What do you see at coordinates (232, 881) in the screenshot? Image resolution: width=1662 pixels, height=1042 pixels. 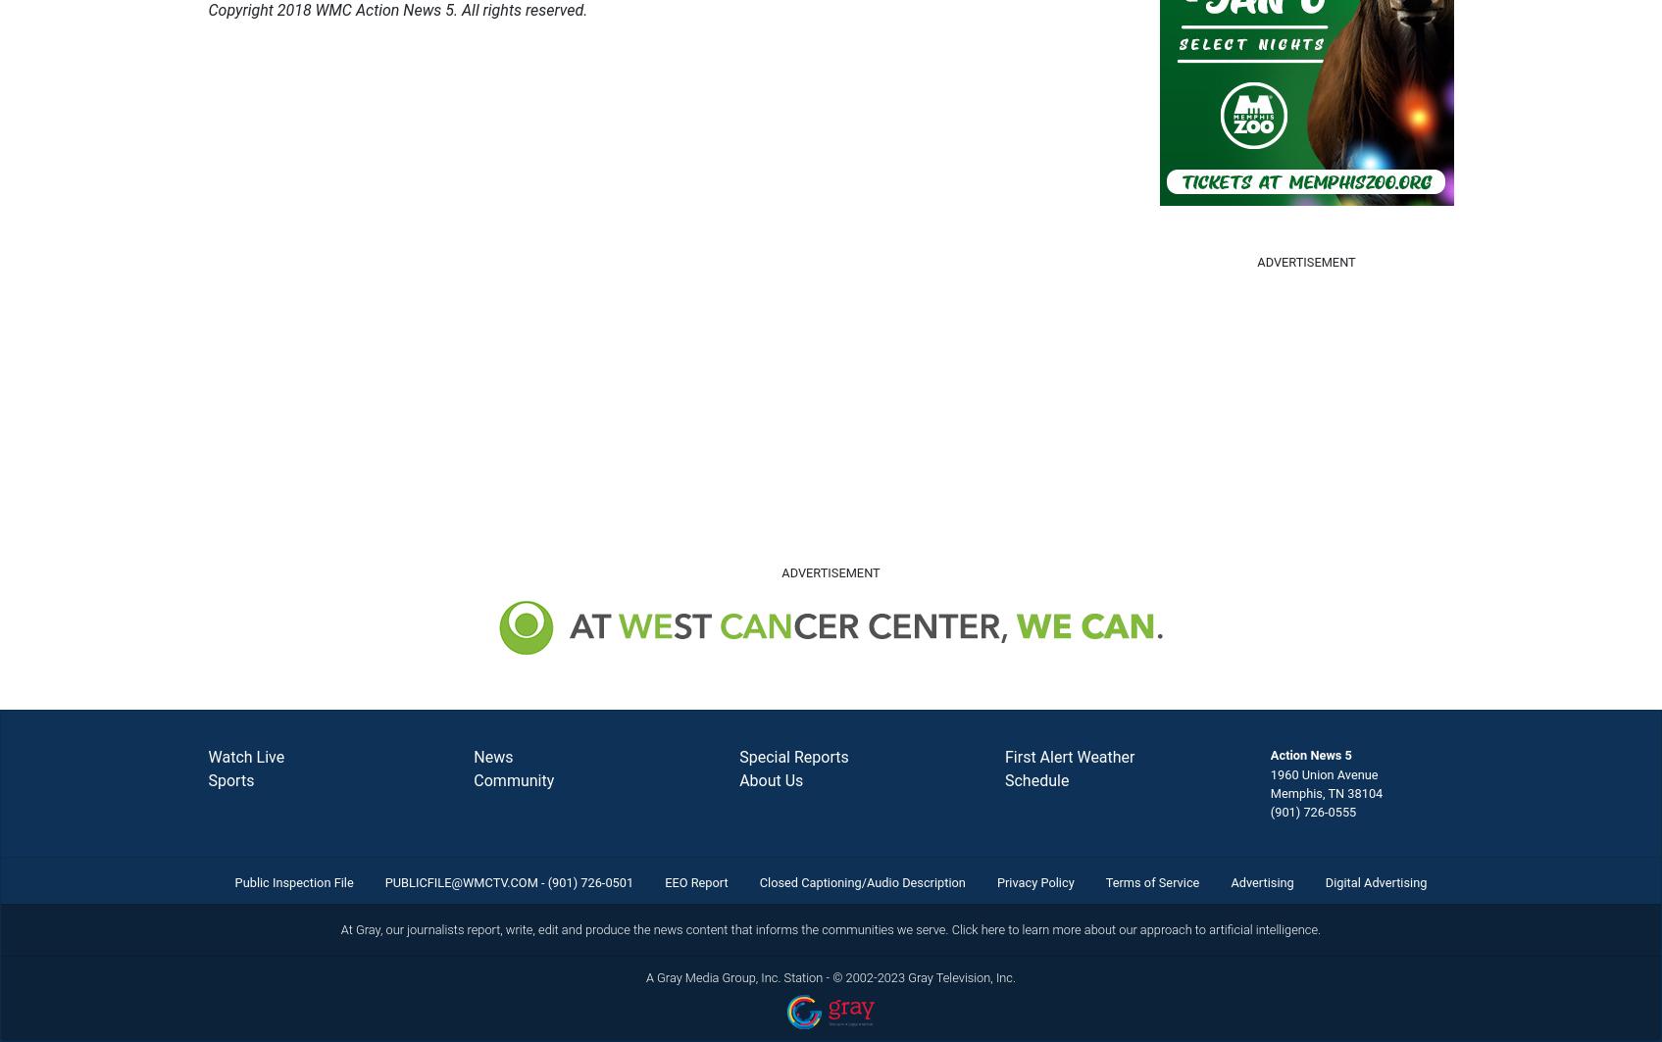 I see `'Public Inspection File'` at bounding box center [232, 881].